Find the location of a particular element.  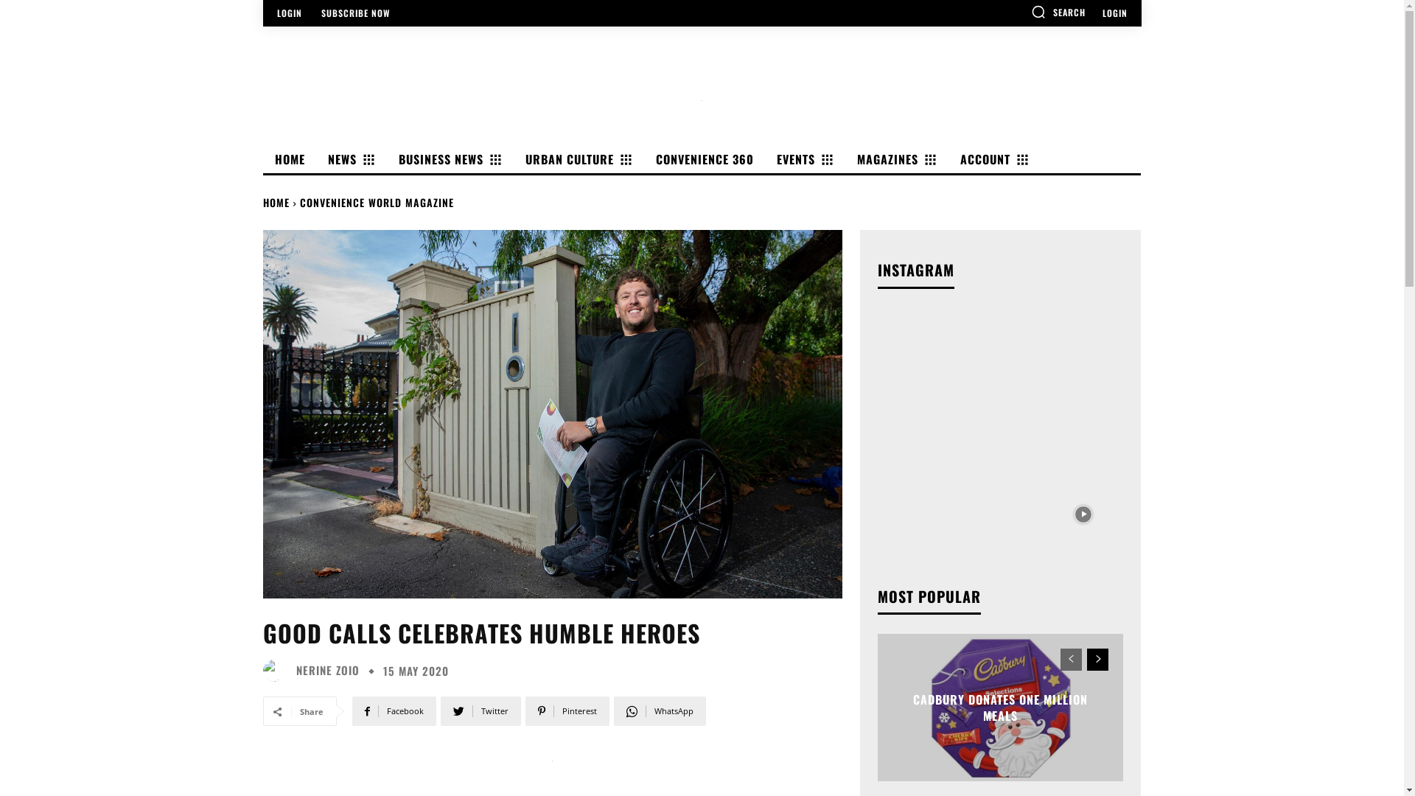

'CADBURY DONATES ONE MILLION MEALS' is located at coordinates (1000, 706).